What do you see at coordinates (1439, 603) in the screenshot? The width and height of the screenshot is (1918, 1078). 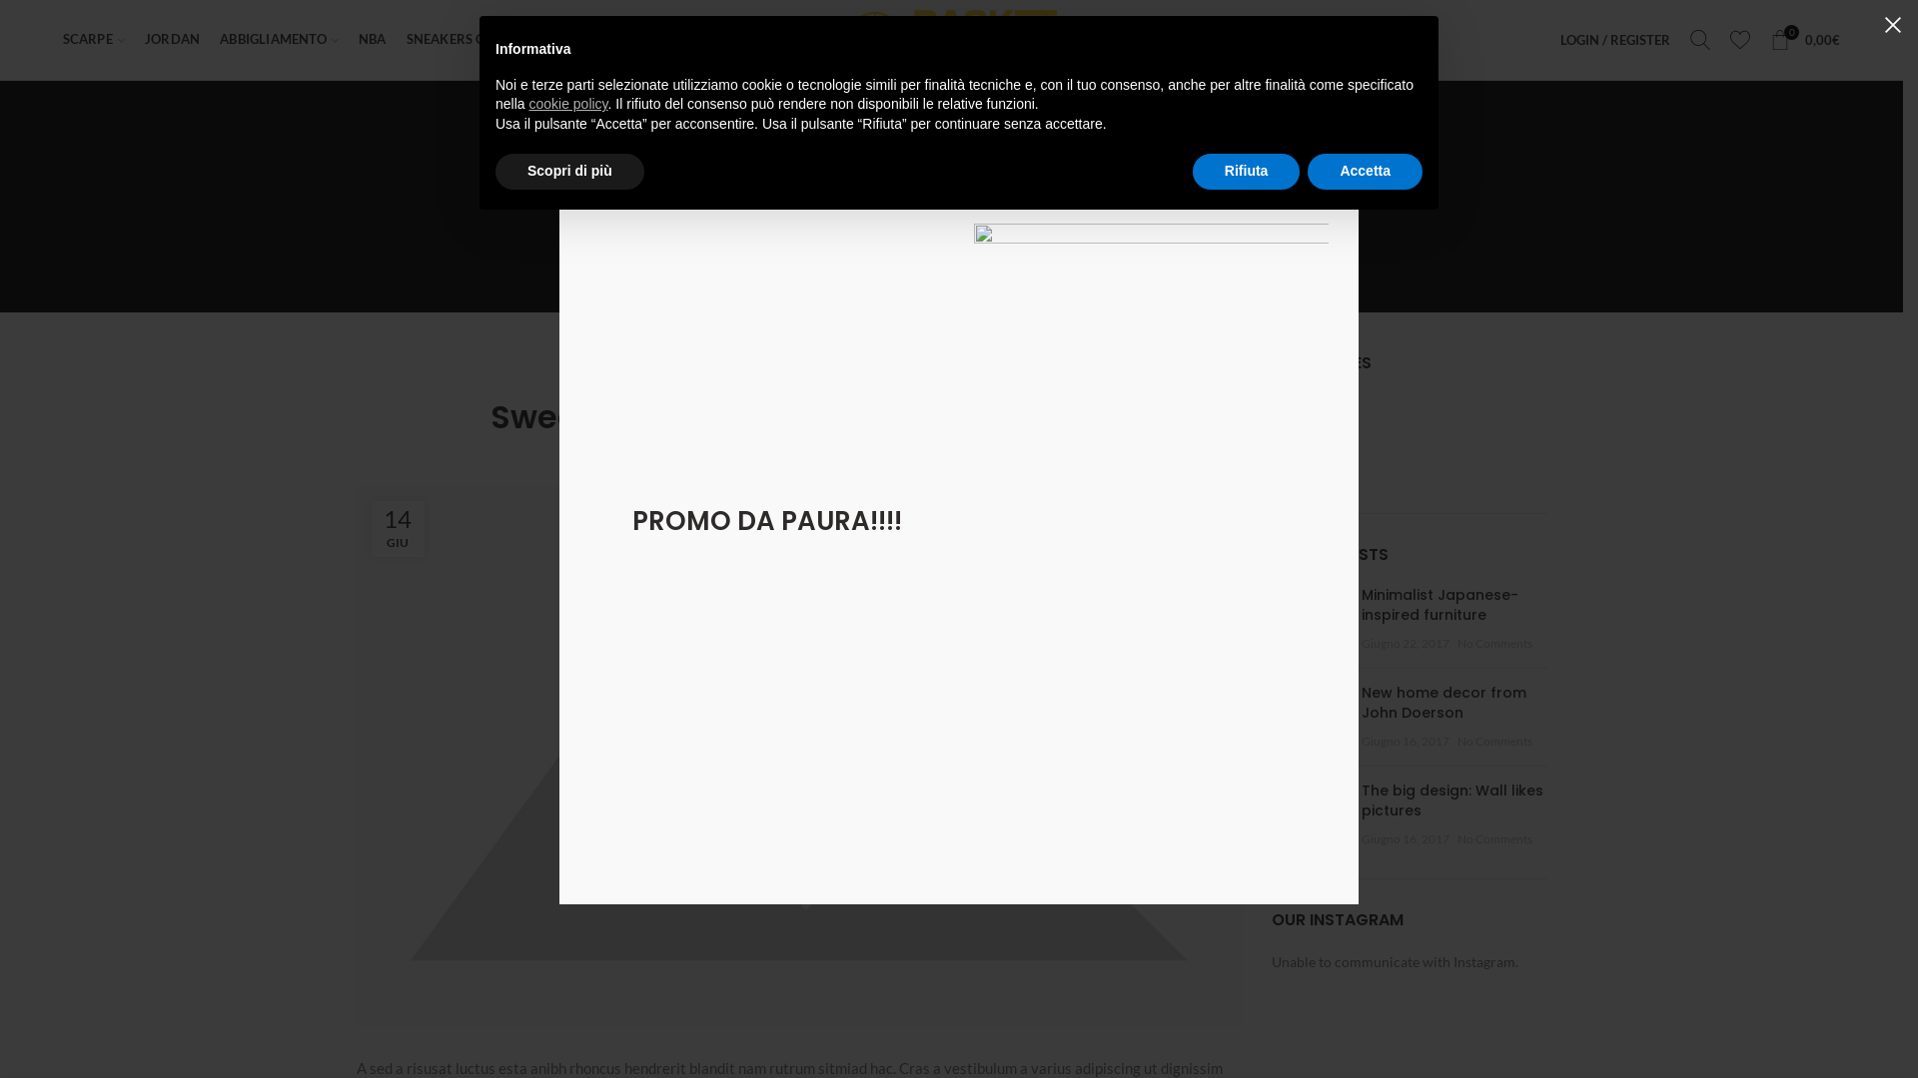 I see `'Minimalist Japanese-inspired furniture'` at bounding box center [1439, 603].